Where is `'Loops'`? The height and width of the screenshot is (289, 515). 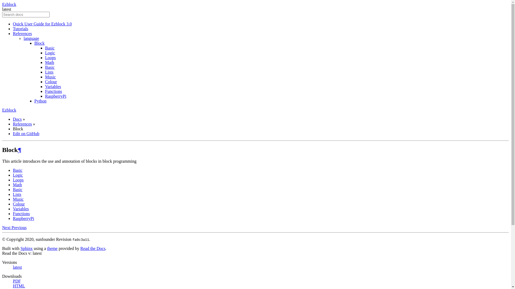 'Loops' is located at coordinates (18, 180).